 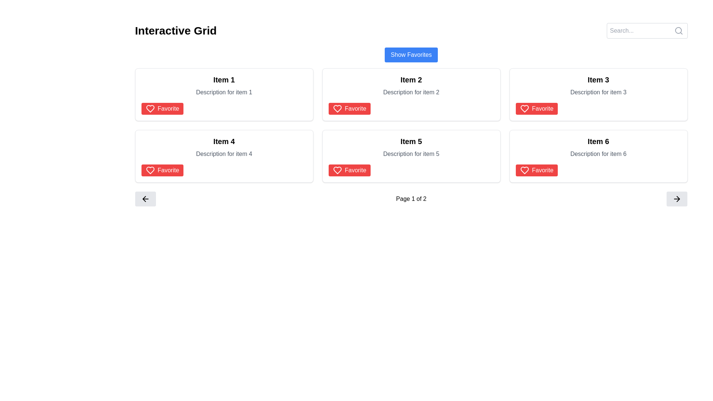 I want to click on the arrowhead icon in the bottom-right corner of the interface, which indicates forward navigation to the next page or set of items, so click(x=678, y=199).